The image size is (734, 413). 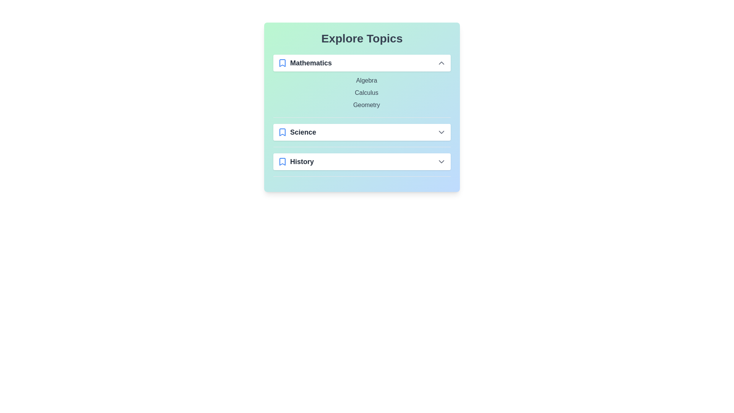 What do you see at coordinates (282, 132) in the screenshot?
I see `the bookmark icon for the Science category` at bounding box center [282, 132].